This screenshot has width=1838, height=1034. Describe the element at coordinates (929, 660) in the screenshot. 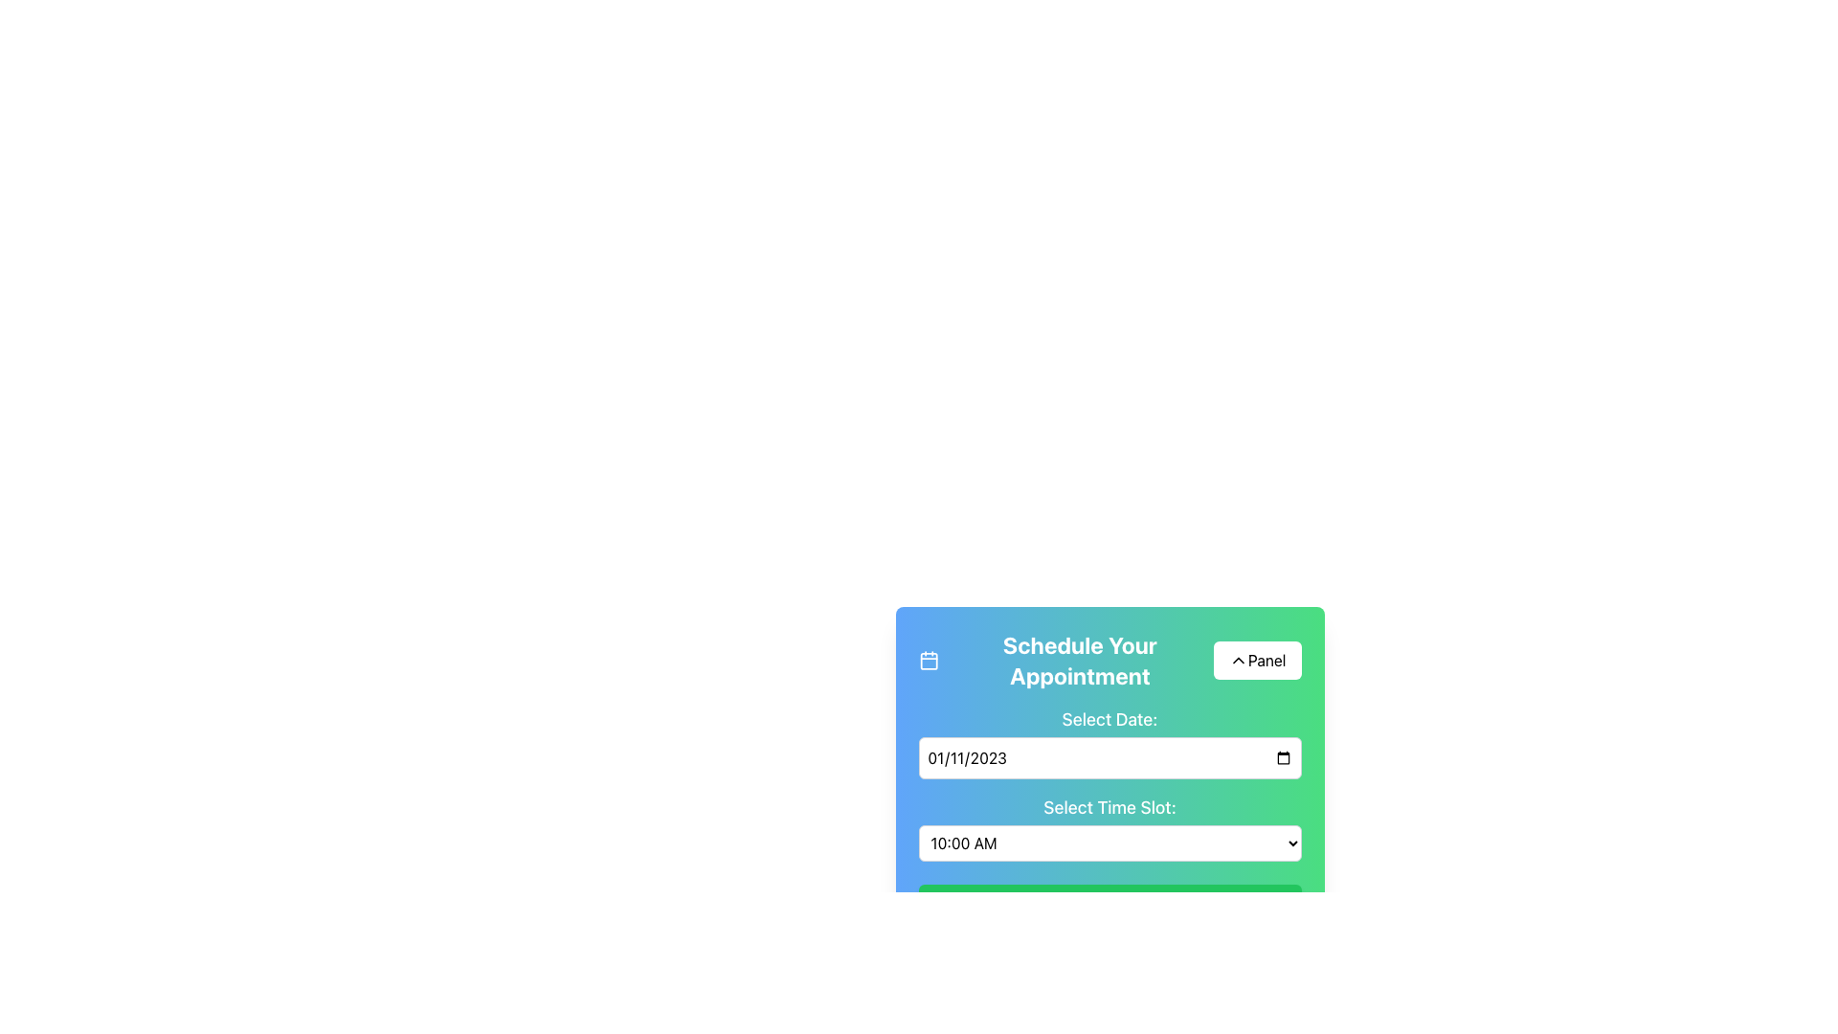

I see `the decorative calendar icon located at the top center of the calendar graphic in the 'Schedule Your Appointment' form, adjacent to the 'Select Date:' text` at that location.